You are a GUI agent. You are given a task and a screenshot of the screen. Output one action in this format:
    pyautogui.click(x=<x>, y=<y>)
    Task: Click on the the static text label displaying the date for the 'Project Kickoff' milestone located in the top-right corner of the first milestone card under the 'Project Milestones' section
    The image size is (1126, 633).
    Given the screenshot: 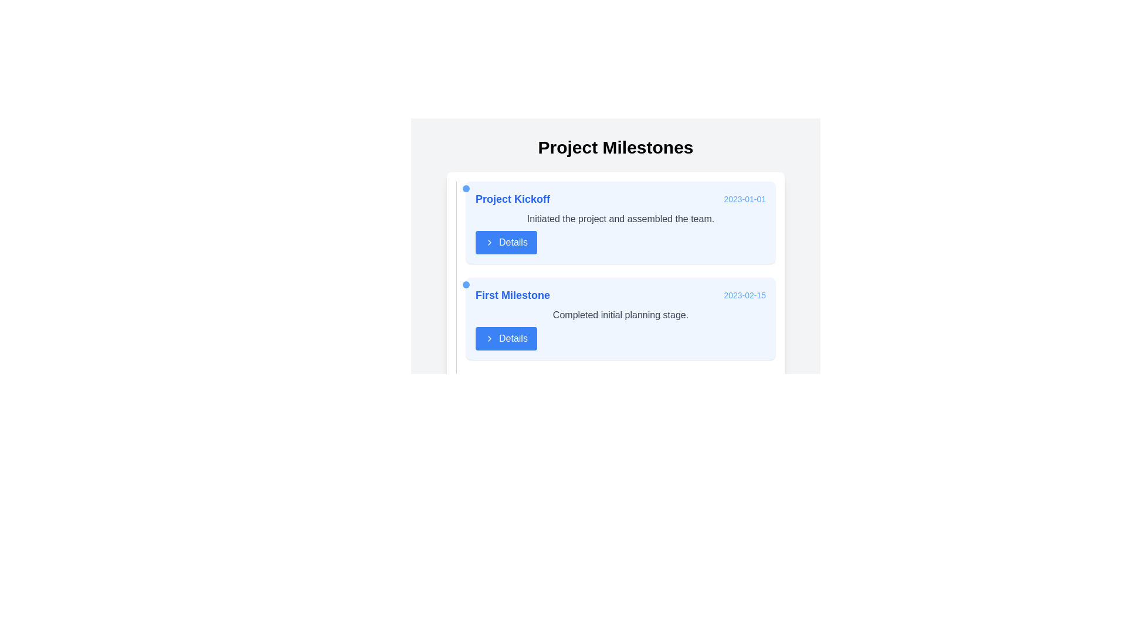 What is the action you would take?
    pyautogui.click(x=744, y=198)
    